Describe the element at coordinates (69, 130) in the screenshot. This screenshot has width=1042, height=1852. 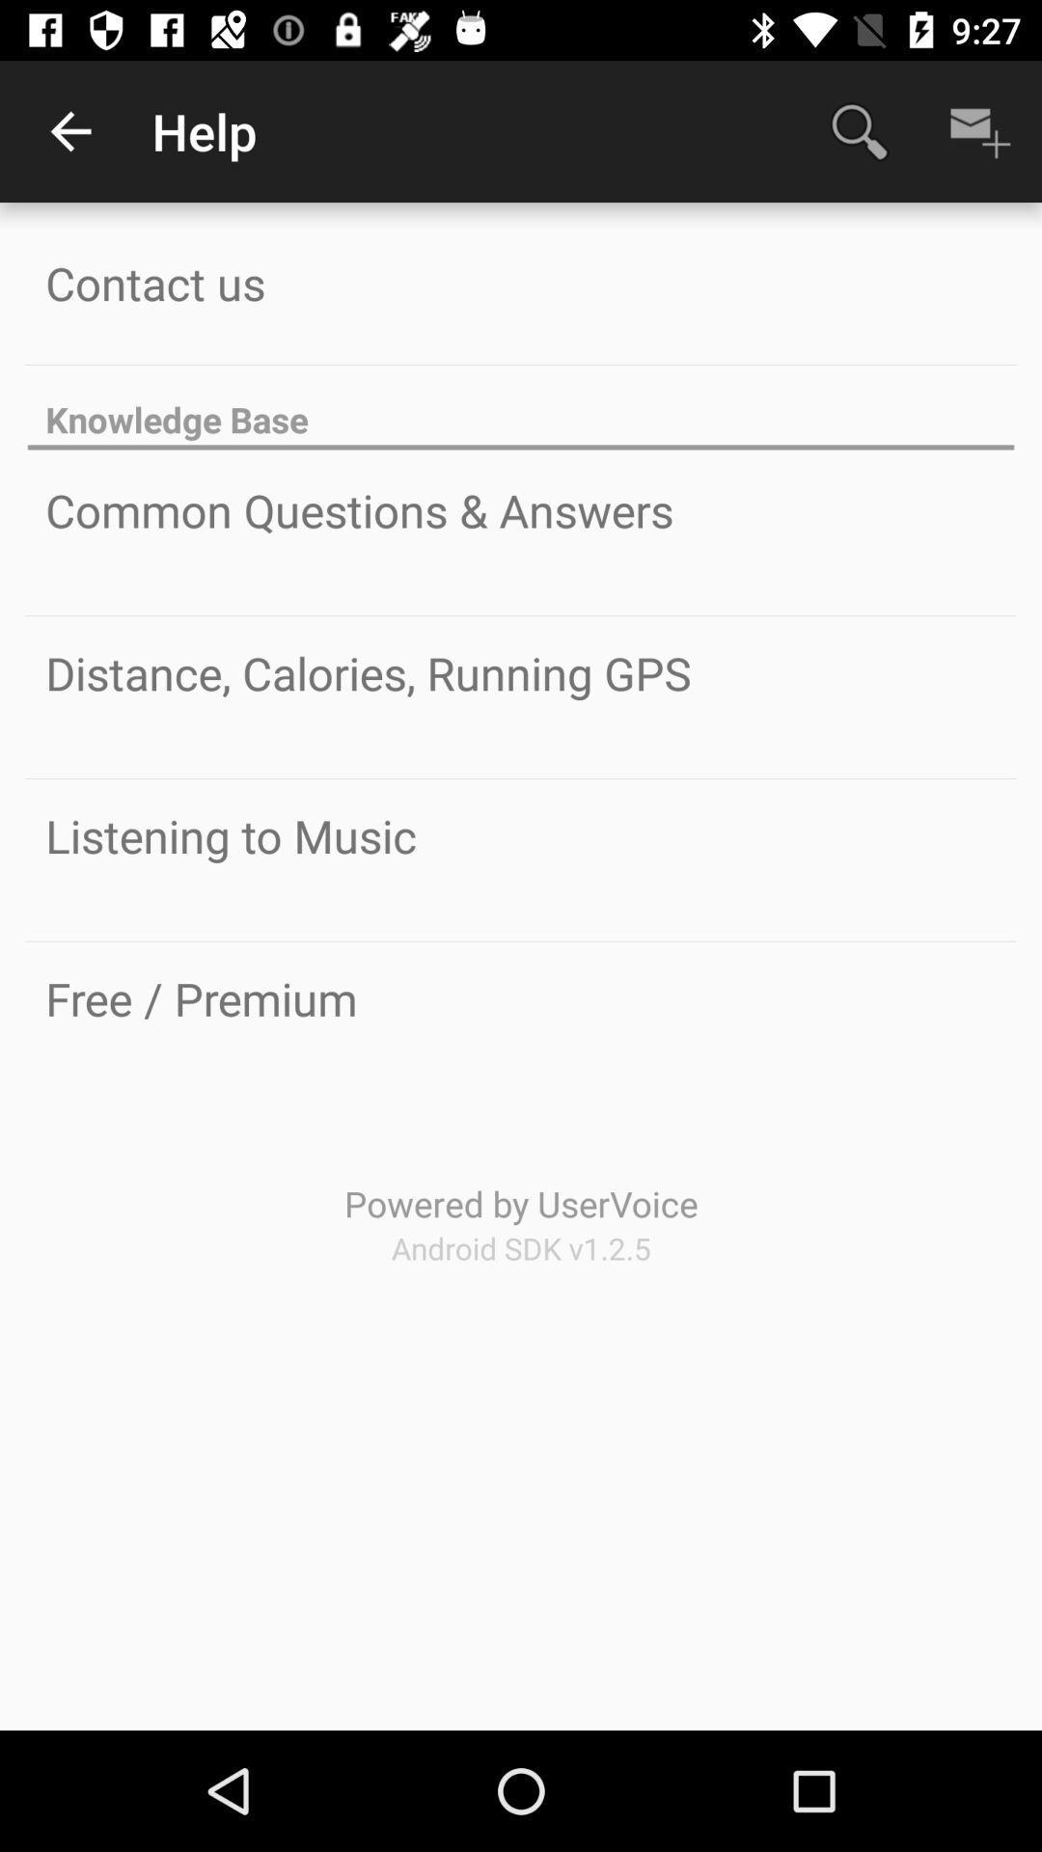
I see `item above the contact us` at that location.